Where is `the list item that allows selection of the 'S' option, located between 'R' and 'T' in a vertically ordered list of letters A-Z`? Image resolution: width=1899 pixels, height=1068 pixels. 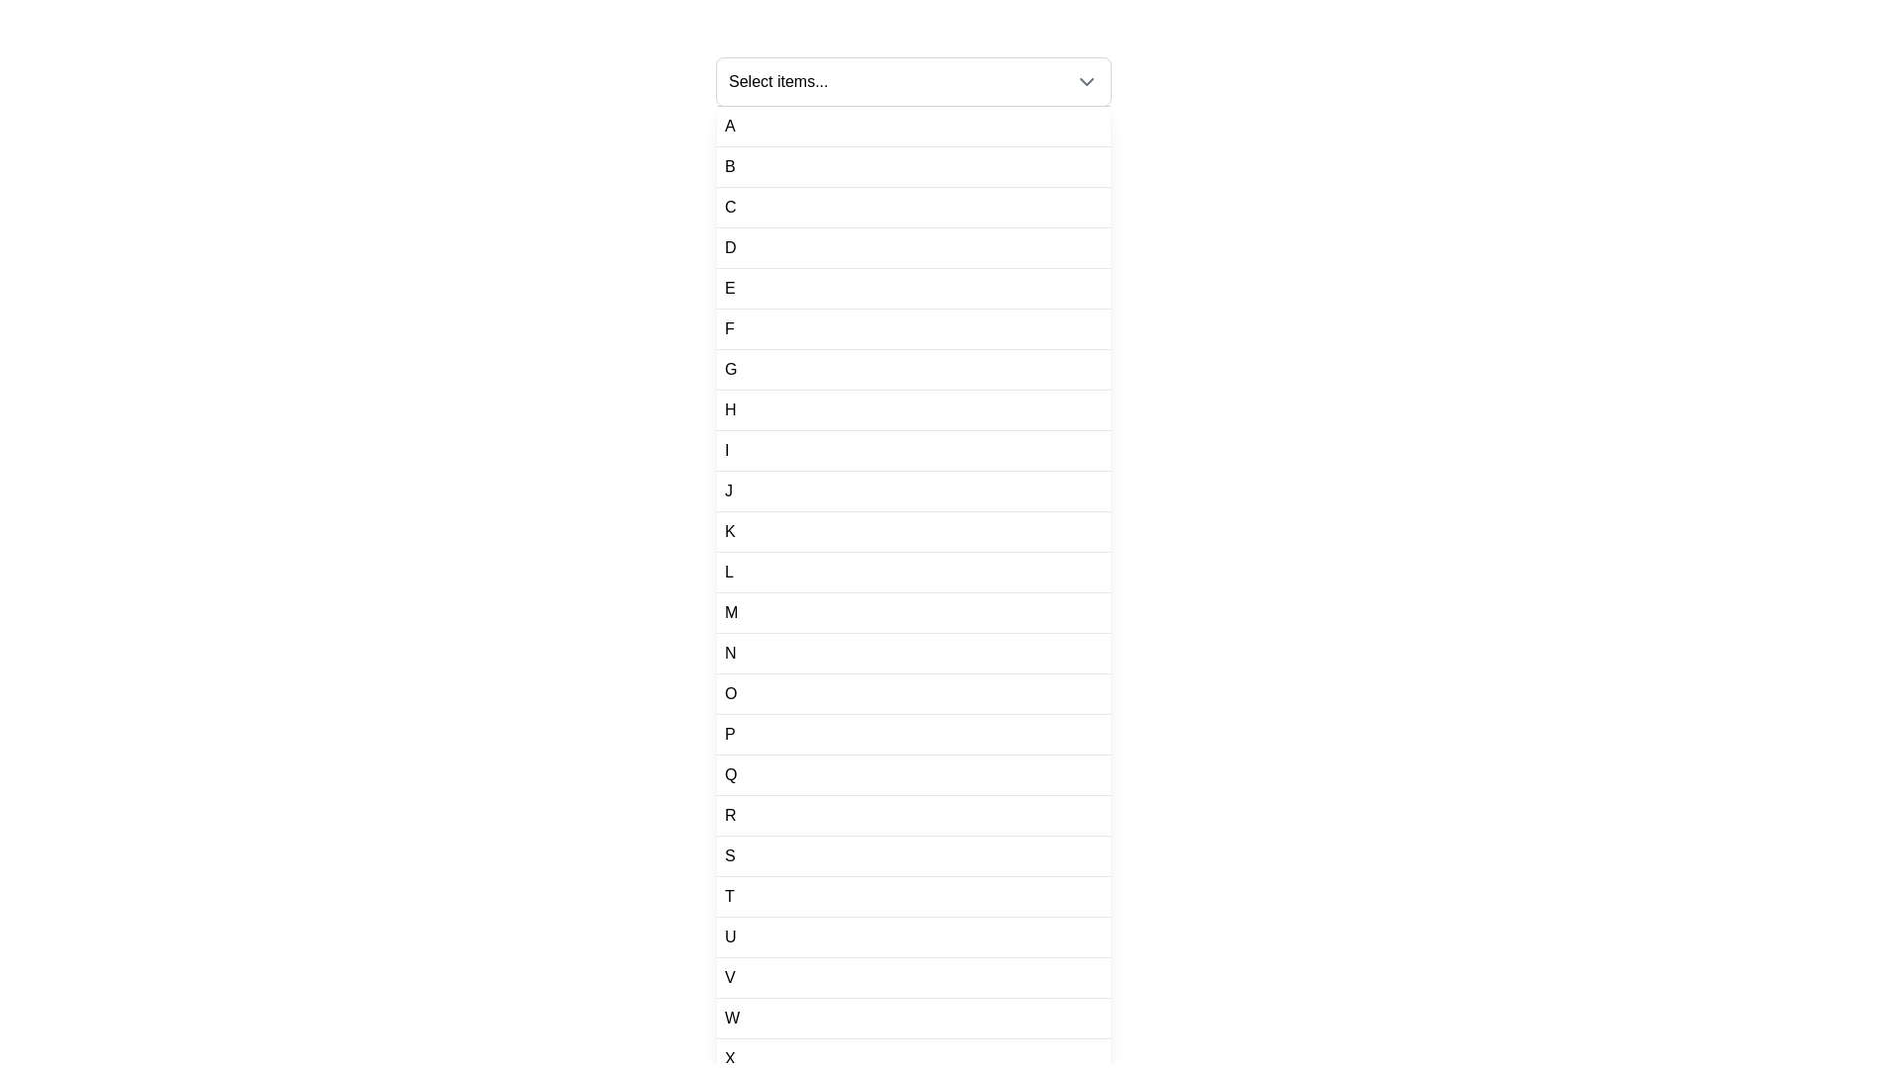 the list item that allows selection of the 'S' option, located between 'R' and 'T' in a vertically ordered list of letters A-Z is located at coordinates (913, 855).